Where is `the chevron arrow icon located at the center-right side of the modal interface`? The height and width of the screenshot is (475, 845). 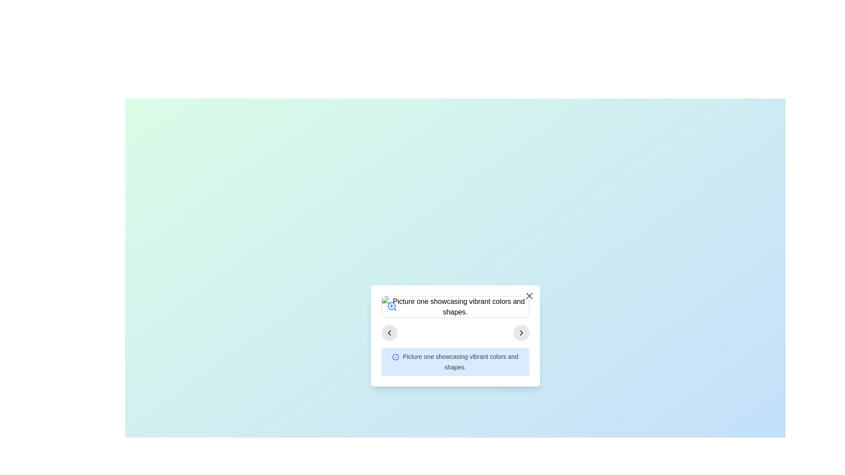 the chevron arrow icon located at the center-right side of the modal interface is located at coordinates (389, 332).